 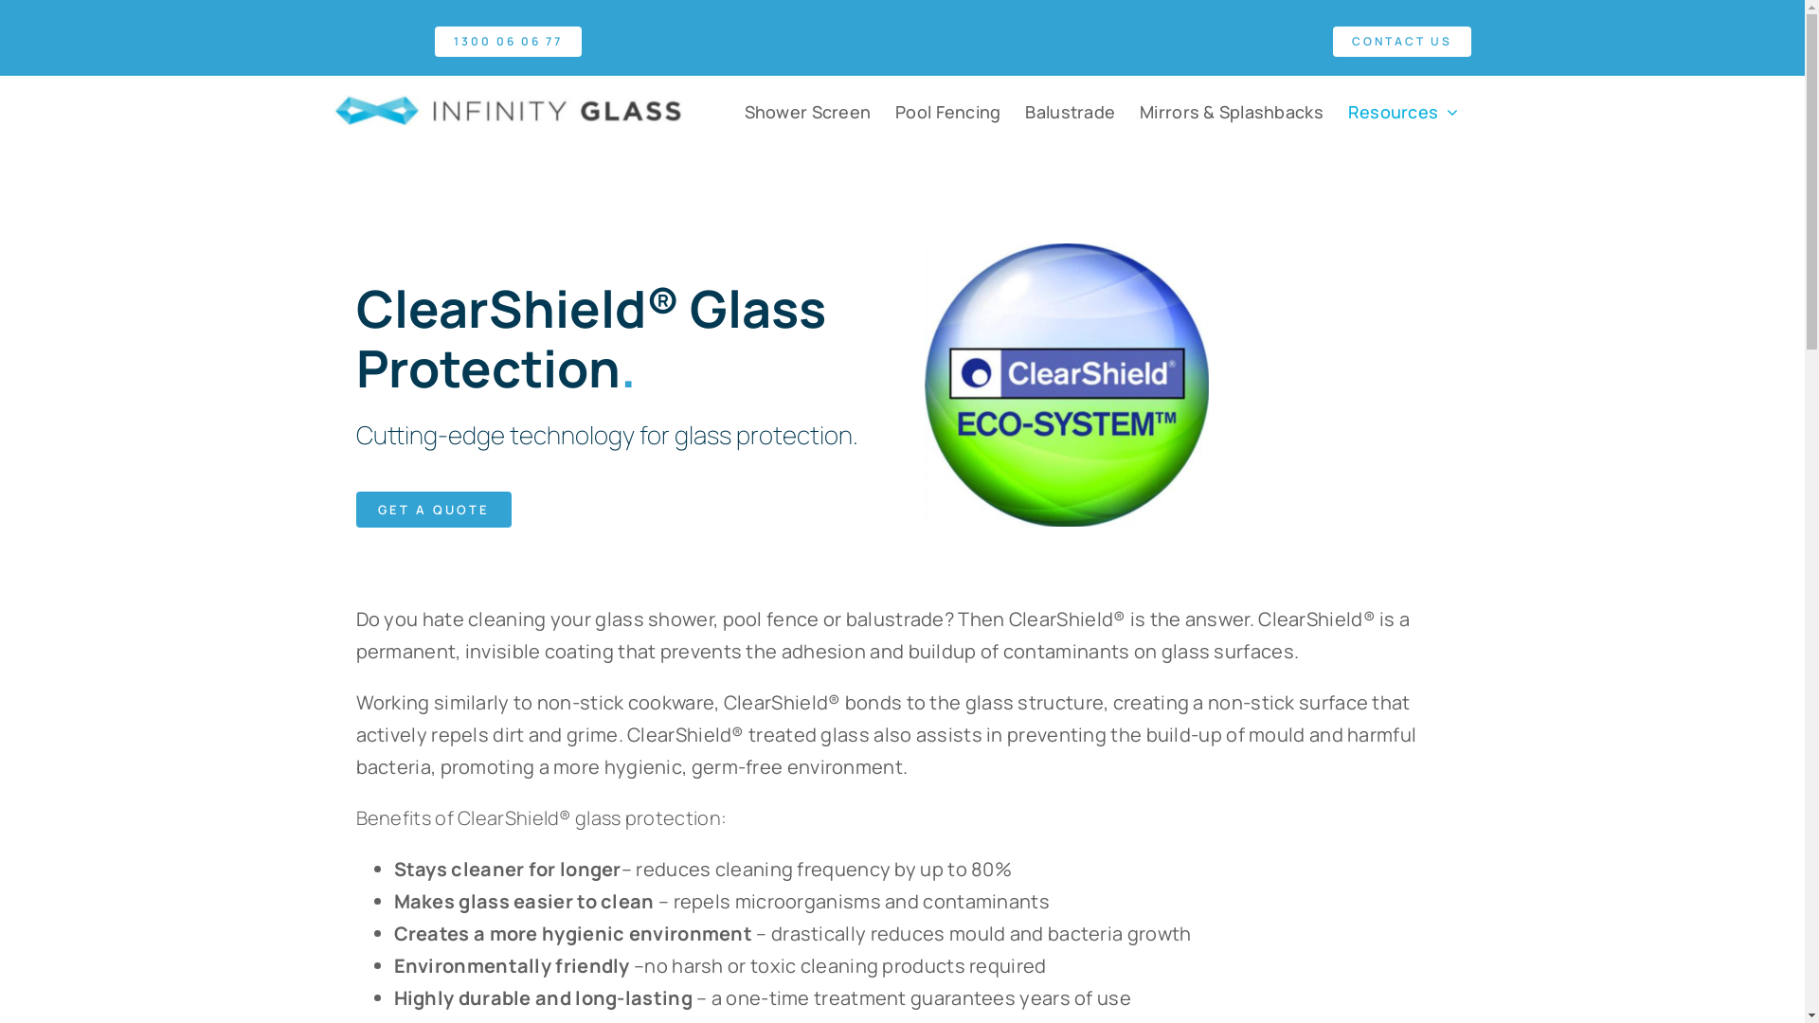 I want to click on 'CONTACT US', so click(x=1401, y=41).